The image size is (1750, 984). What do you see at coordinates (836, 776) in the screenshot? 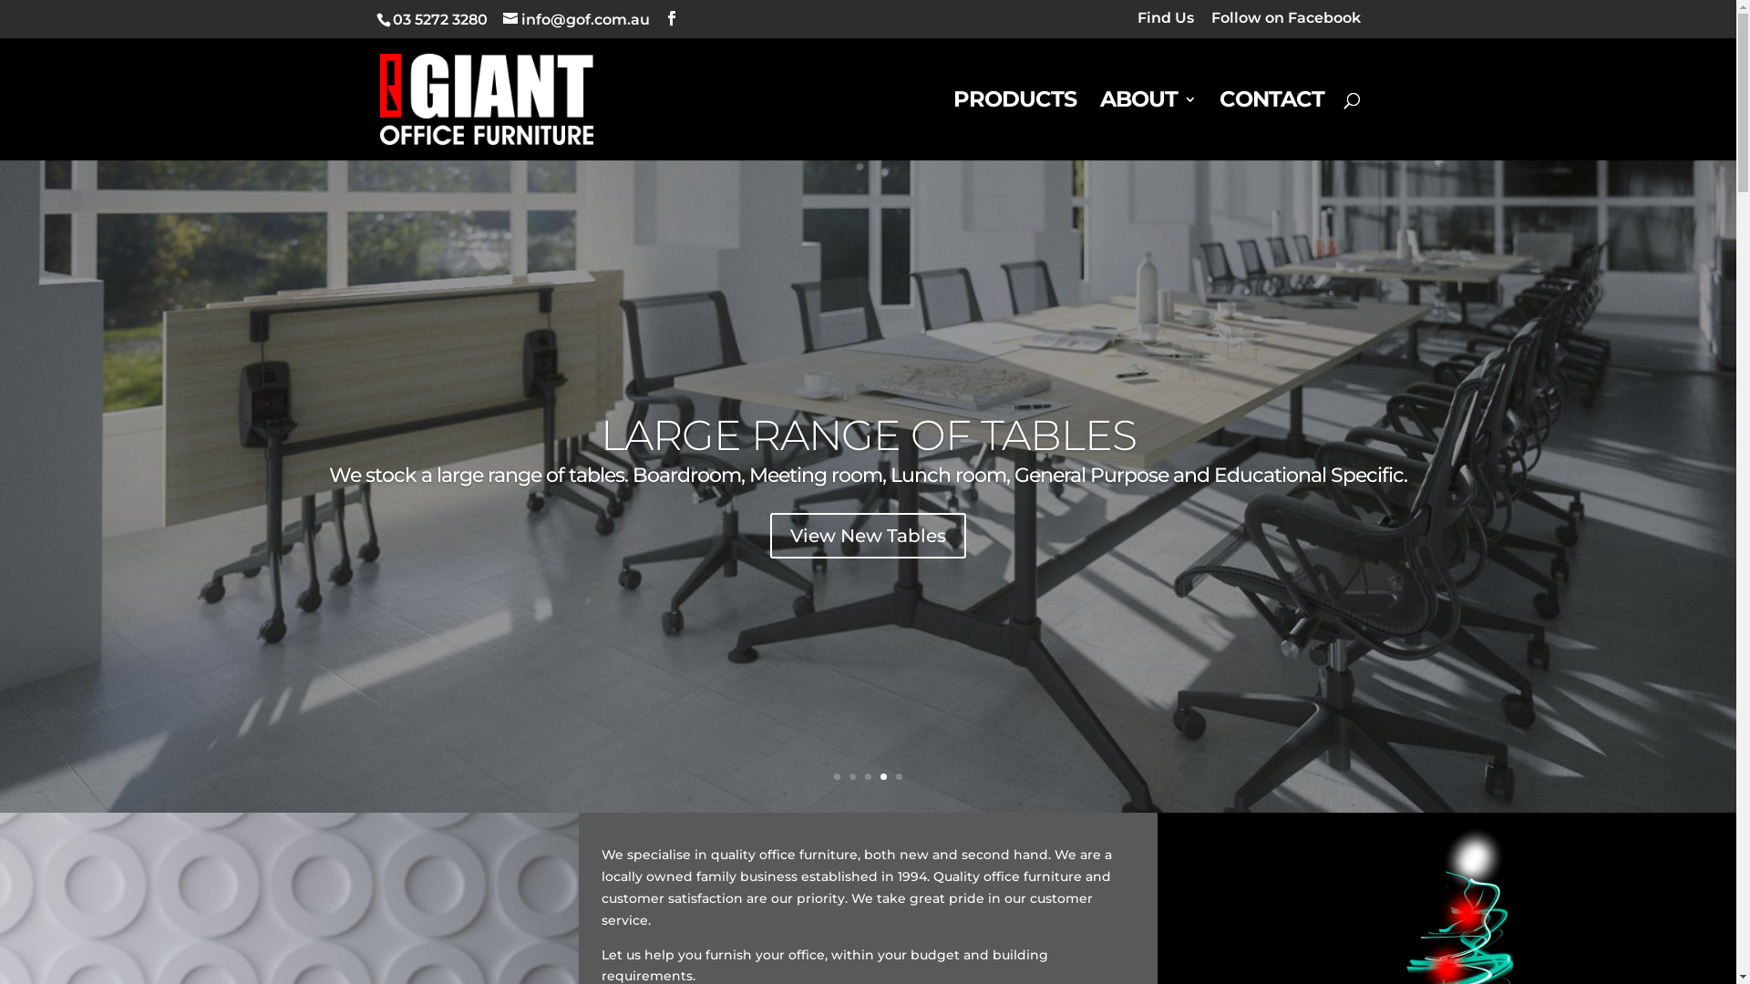
I see `'1'` at bounding box center [836, 776].